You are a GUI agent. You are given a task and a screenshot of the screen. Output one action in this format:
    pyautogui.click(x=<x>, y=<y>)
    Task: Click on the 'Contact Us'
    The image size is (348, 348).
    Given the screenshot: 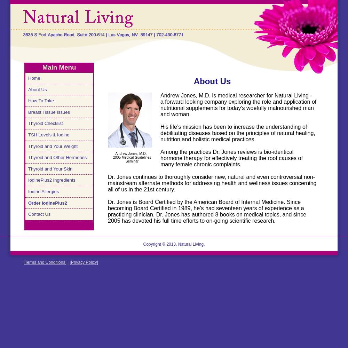 What is the action you would take?
    pyautogui.click(x=39, y=214)
    